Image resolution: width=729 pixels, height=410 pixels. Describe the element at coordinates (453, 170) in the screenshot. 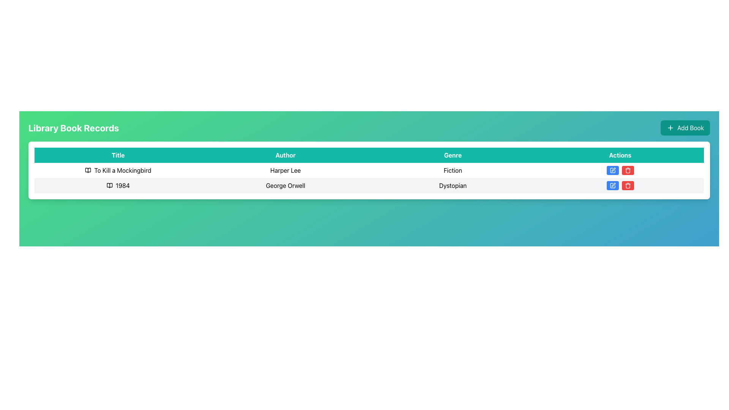

I see `the Text Label indicating the genre of the book in the first row of the table, positioned between 'Harper Lee' and blank space` at that location.